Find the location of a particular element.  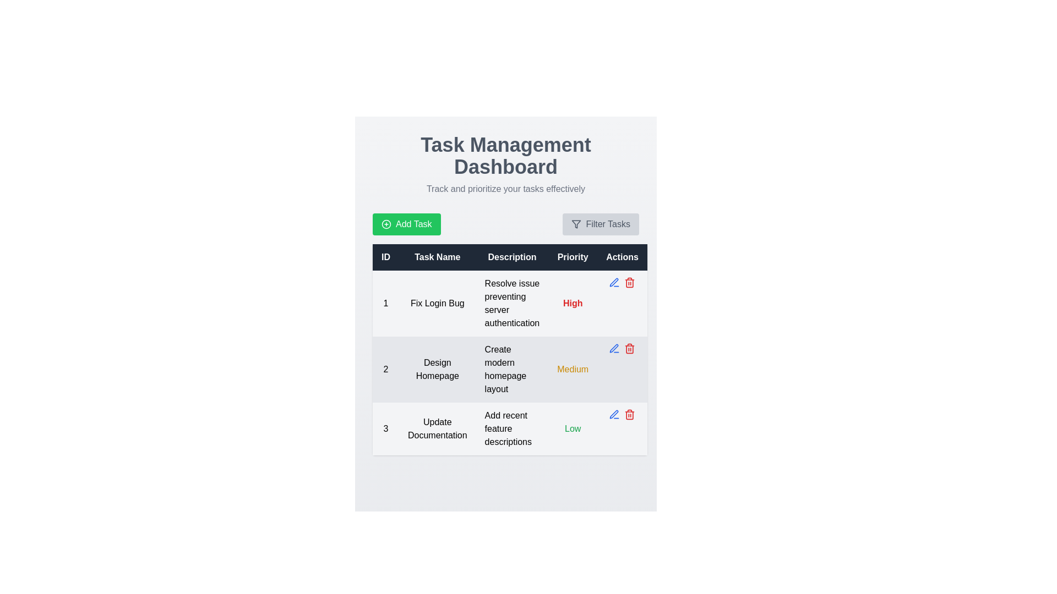

the red trash bin icon in the Interactive group under the 'Actions' column for the 'Update Documentation' row is located at coordinates (622, 414).